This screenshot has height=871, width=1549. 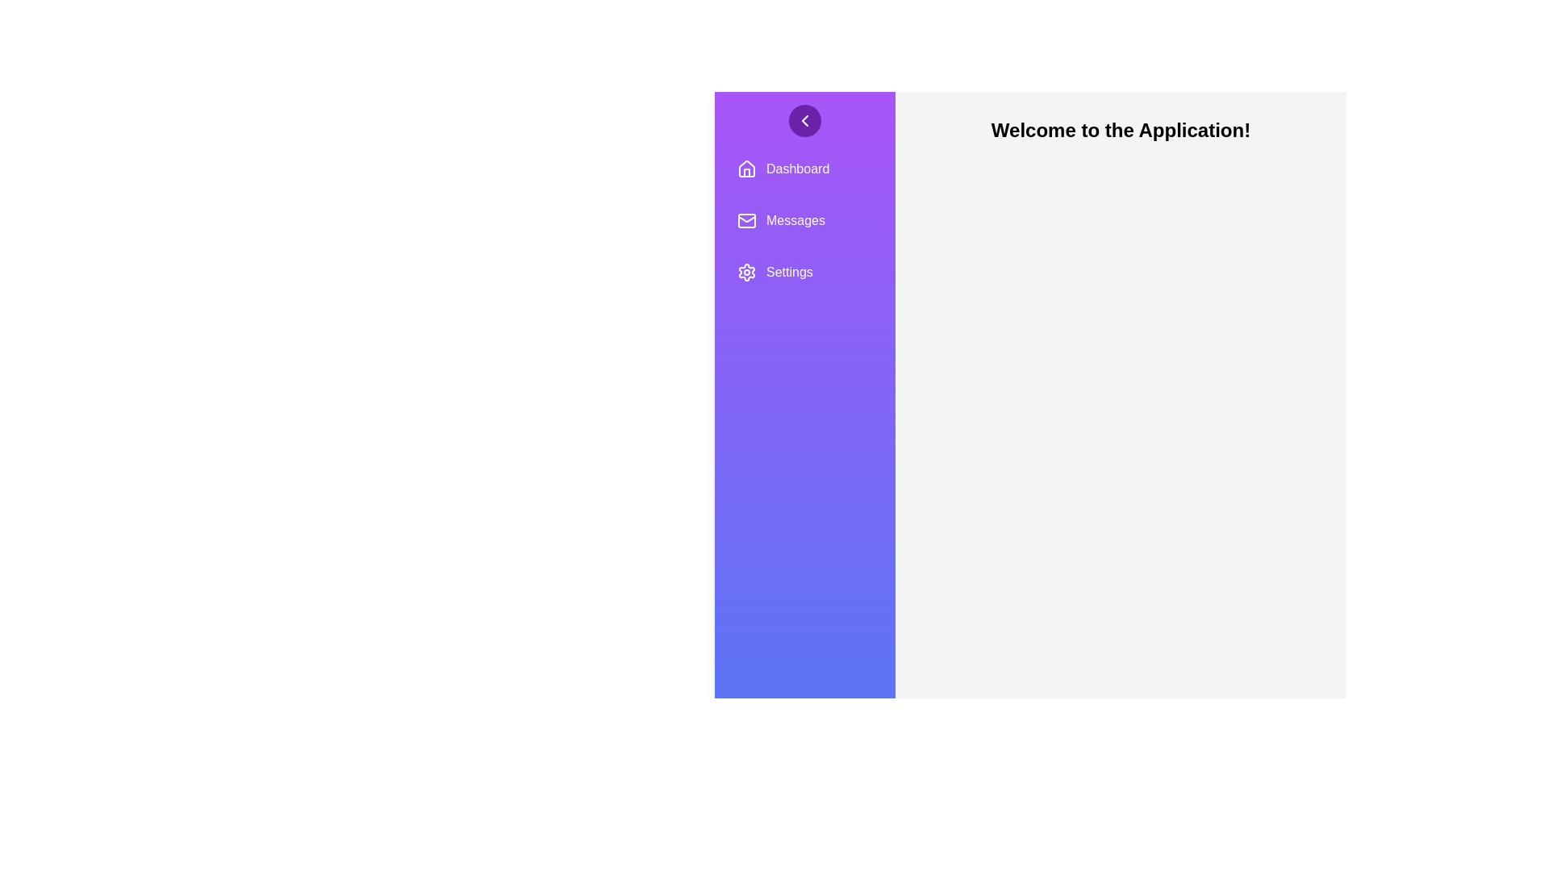 What do you see at coordinates (805, 272) in the screenshot?
I see `the 'Settings' button, which features a gear icon and white text on a purple gradient background, located at the bottom of the vertical menu on the left side of the interface` at bounding box center [805, 272].